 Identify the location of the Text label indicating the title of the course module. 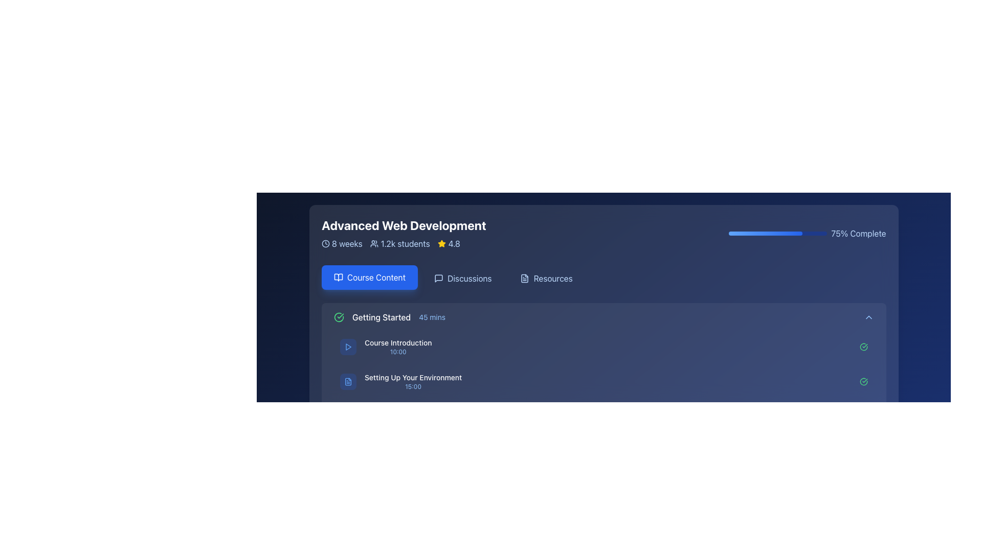
(381, 317).